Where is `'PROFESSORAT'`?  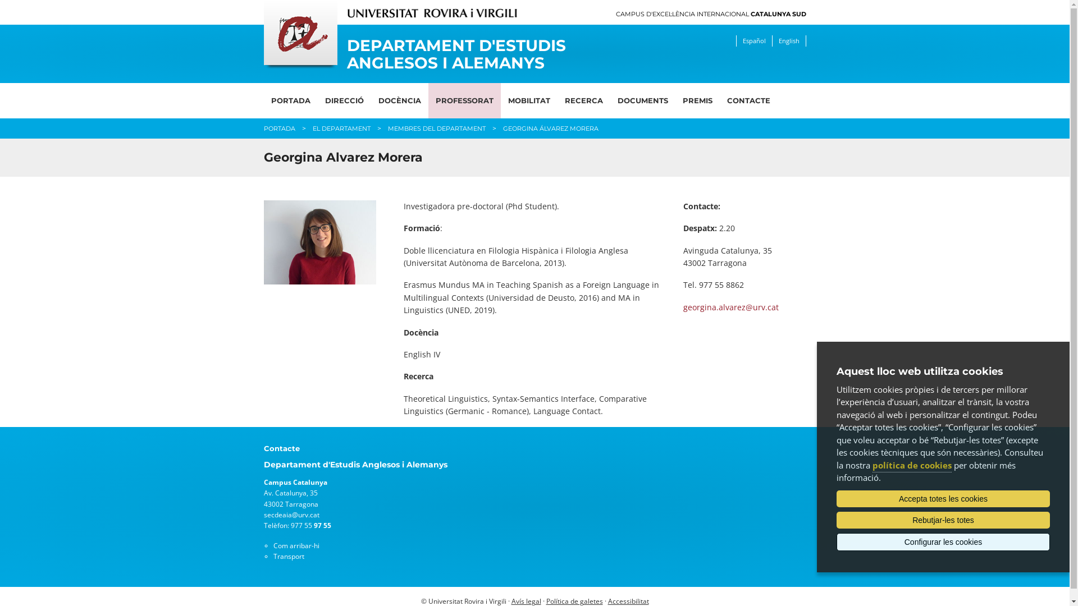
'PROFESSORAT' is located at coordinates (464, 100).